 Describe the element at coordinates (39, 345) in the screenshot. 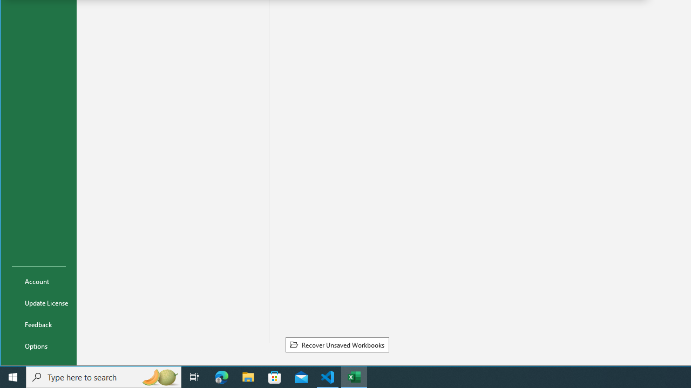

I see `'Options'` at that location.